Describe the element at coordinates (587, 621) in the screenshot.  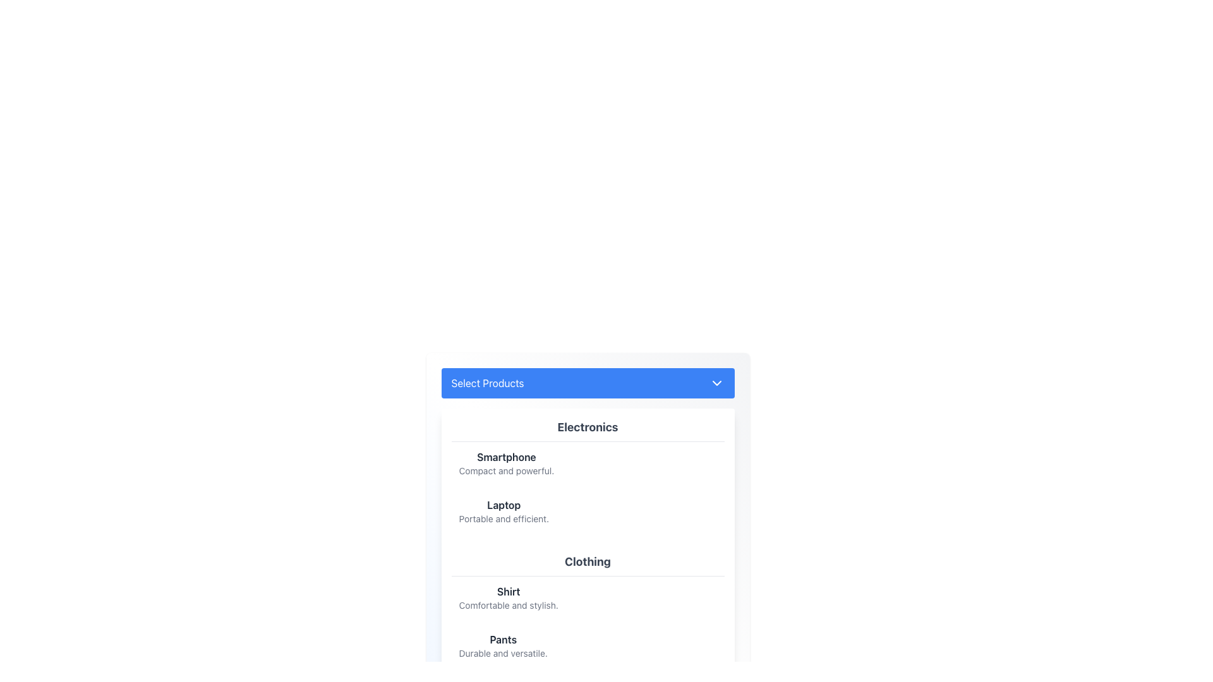
I see `the individual items in the 'Clothing' section list, which includes 'Shirt' and 'Pants'` at that location.